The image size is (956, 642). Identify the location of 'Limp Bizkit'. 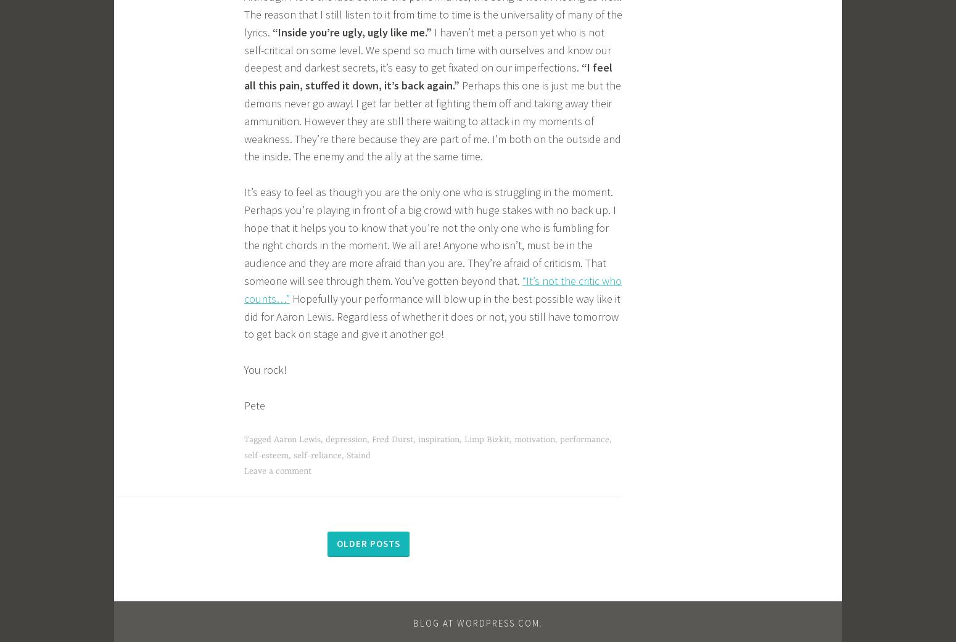
(486, 438).